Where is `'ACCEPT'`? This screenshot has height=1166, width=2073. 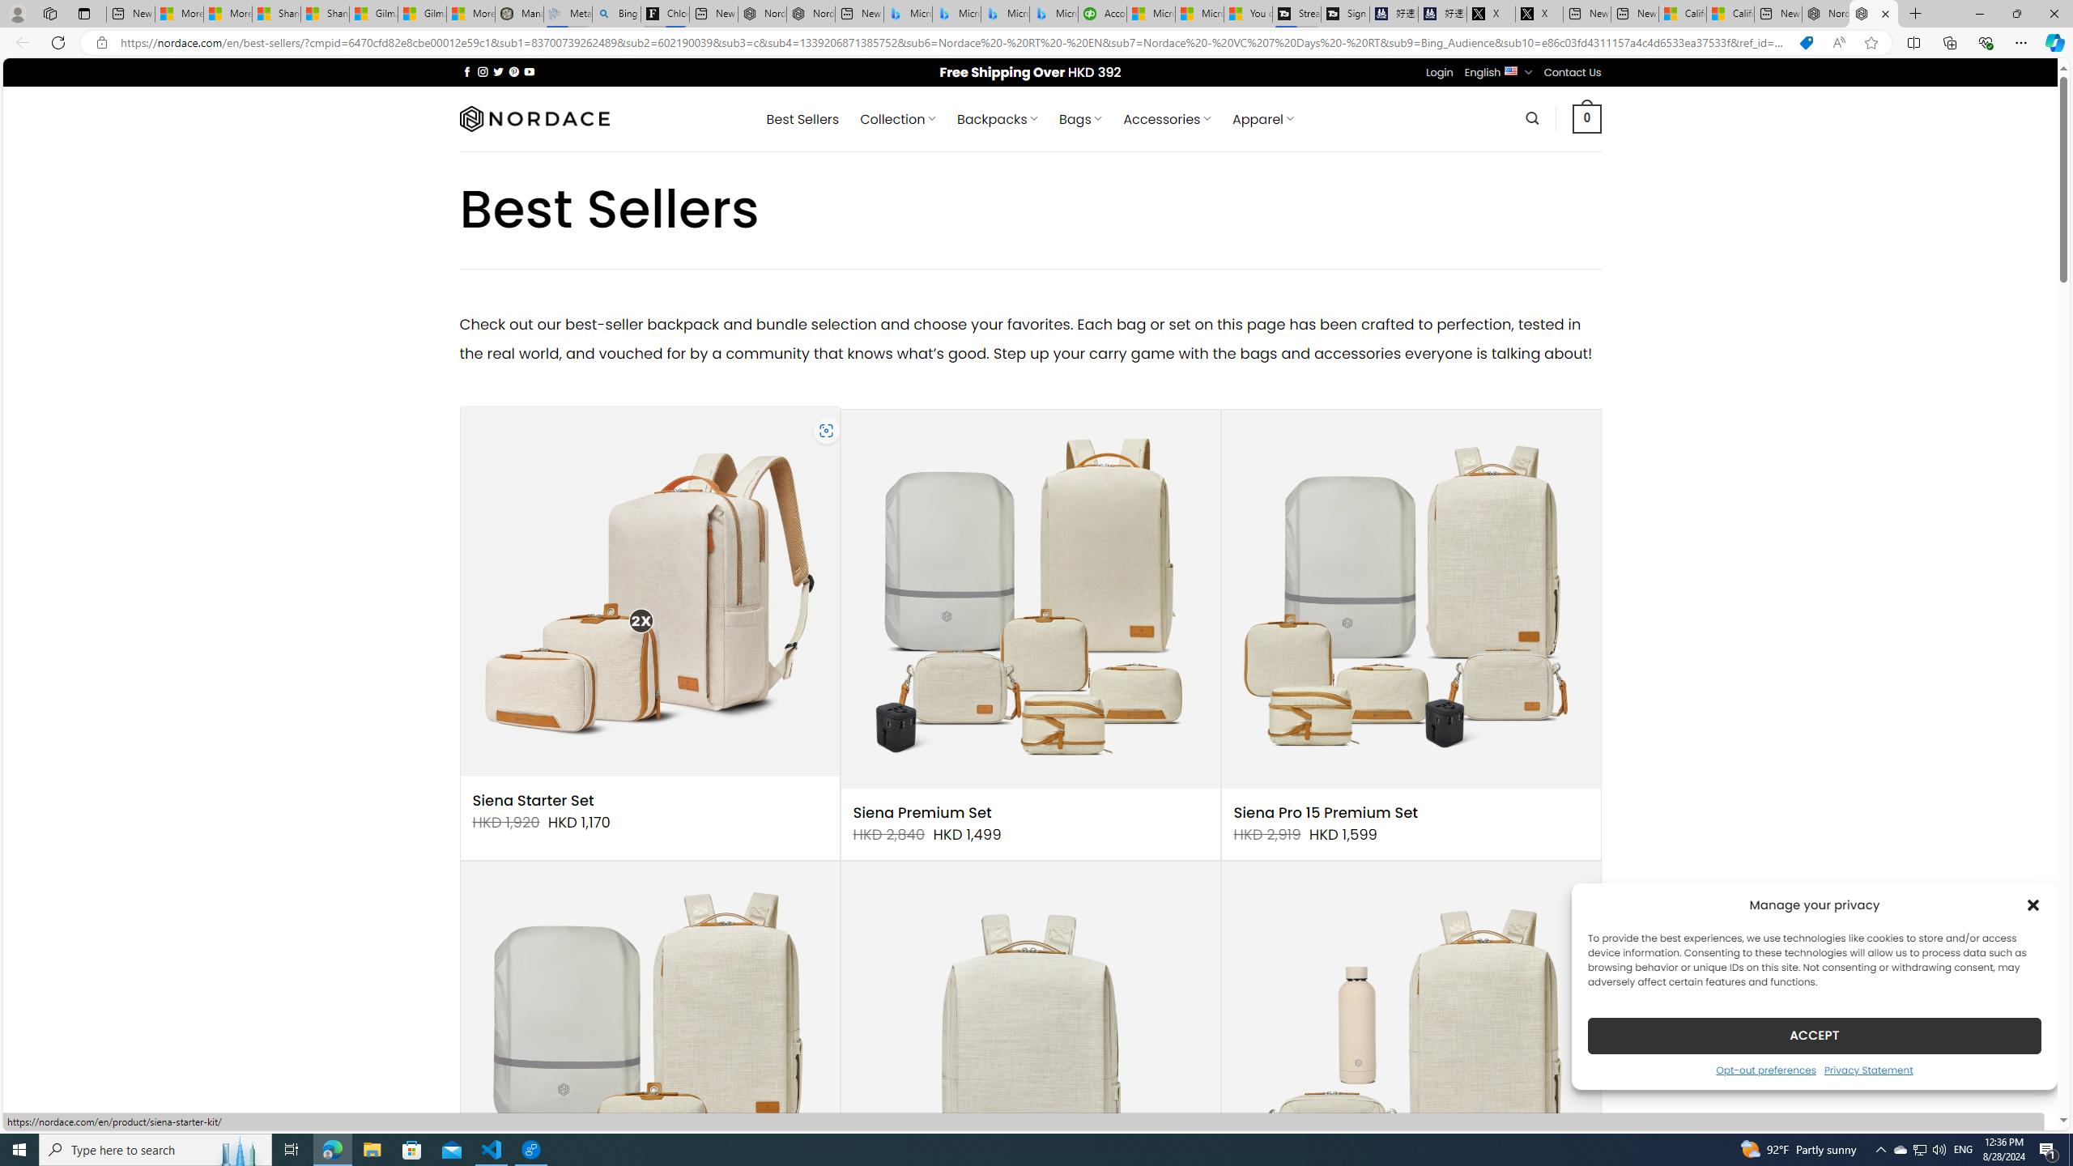 'ACCEPT' is located at coordinates (1815, 1035).